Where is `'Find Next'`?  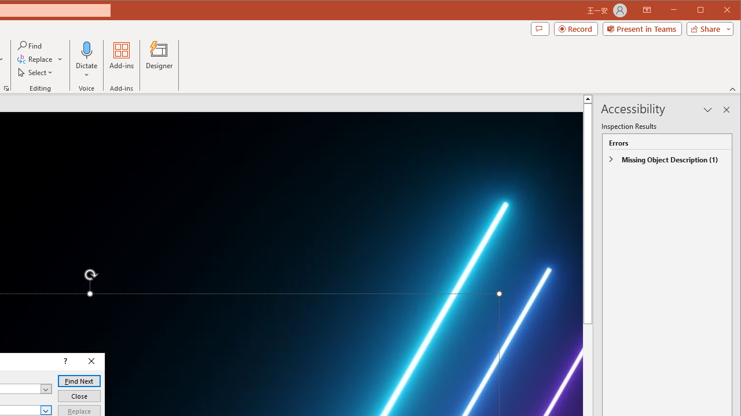
'Find Next' is located at coordinates (78, 381).